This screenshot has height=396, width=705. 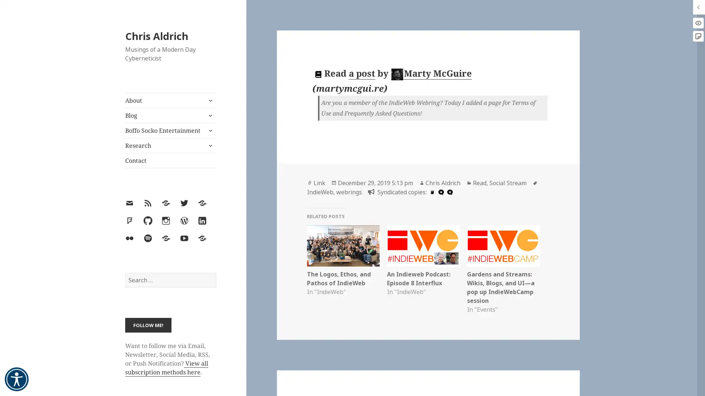 What do you see at coordinates (148, 324) in the screenshot?
I see `Follow Me!` at bounding box center [148, 324].